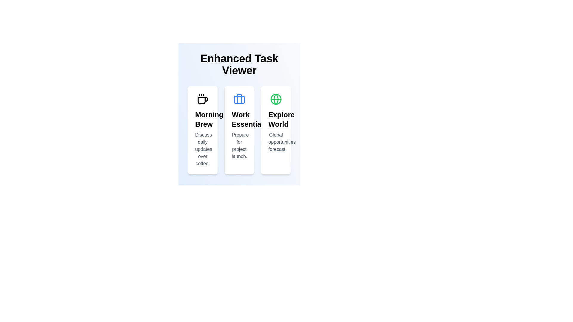  What do you see at coordinates (203, 149) in the screenshot?
I see `text label containing 'Discuss daily updates over coffee.' that is styled with a gray font and centered alignment, located within the 'Morning Brew' card layout` at bounding box center [203, 149].